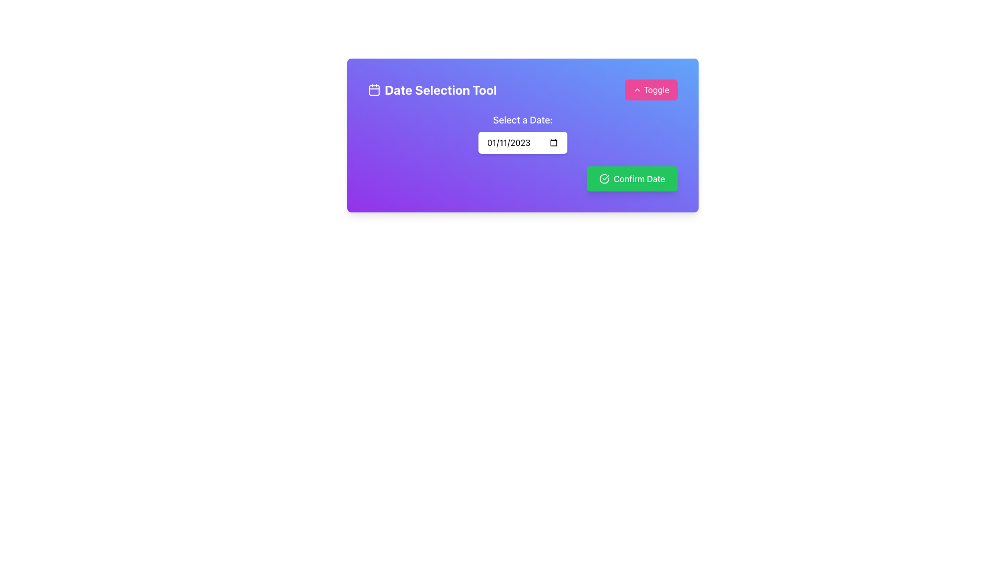 The image size is (1004, 565). What do you see at coordinates (651, 89) in the screenshot?
I see `the vibrant pink 'Toggle' button with an upward-pointing chevron icon` at bounding box center [651, 89].